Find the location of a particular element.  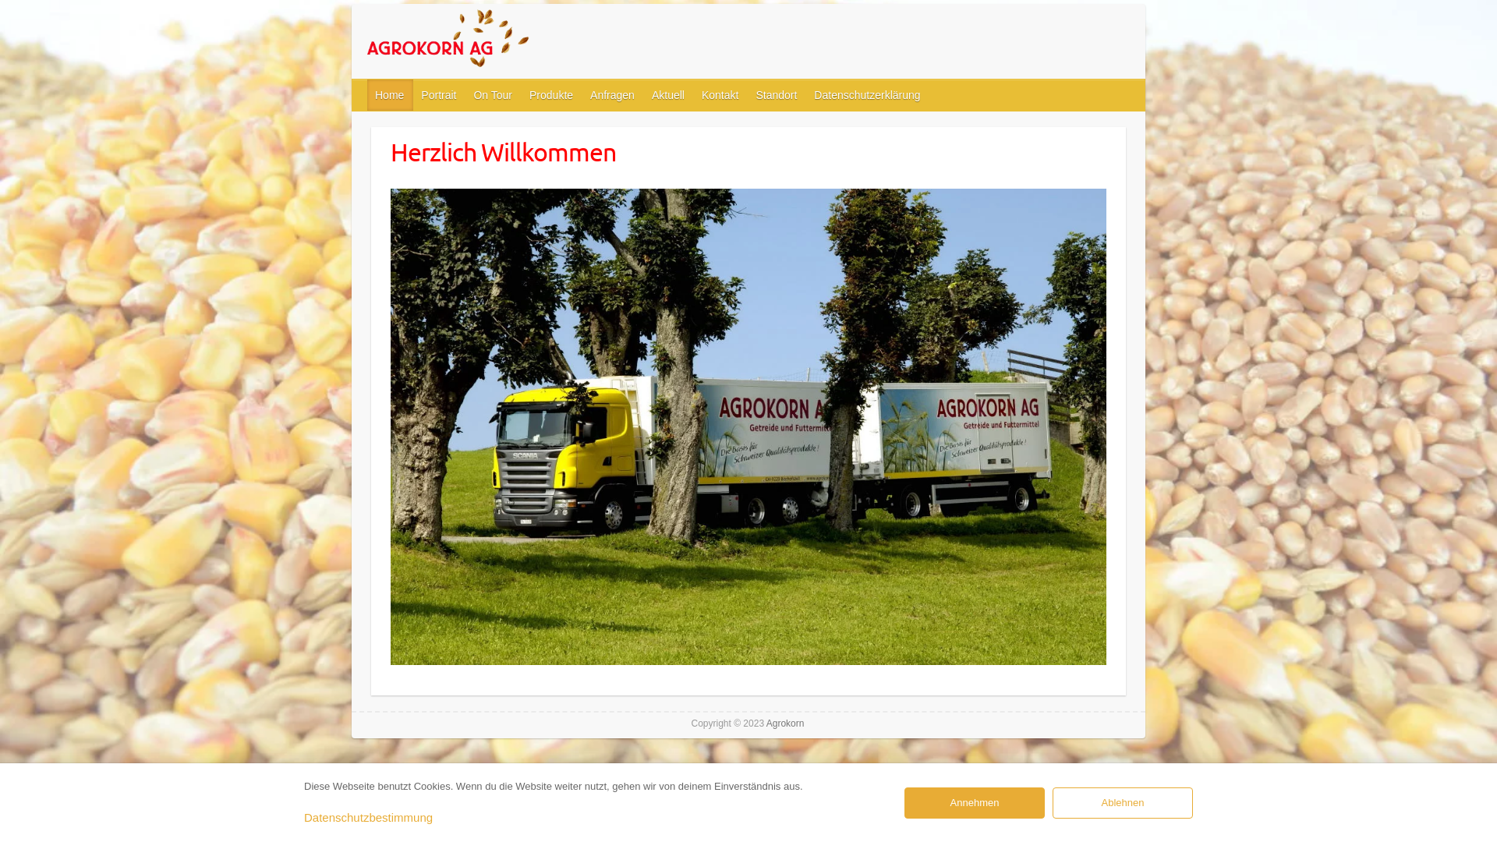

'On Tour' is located at coordinates (493, 95).